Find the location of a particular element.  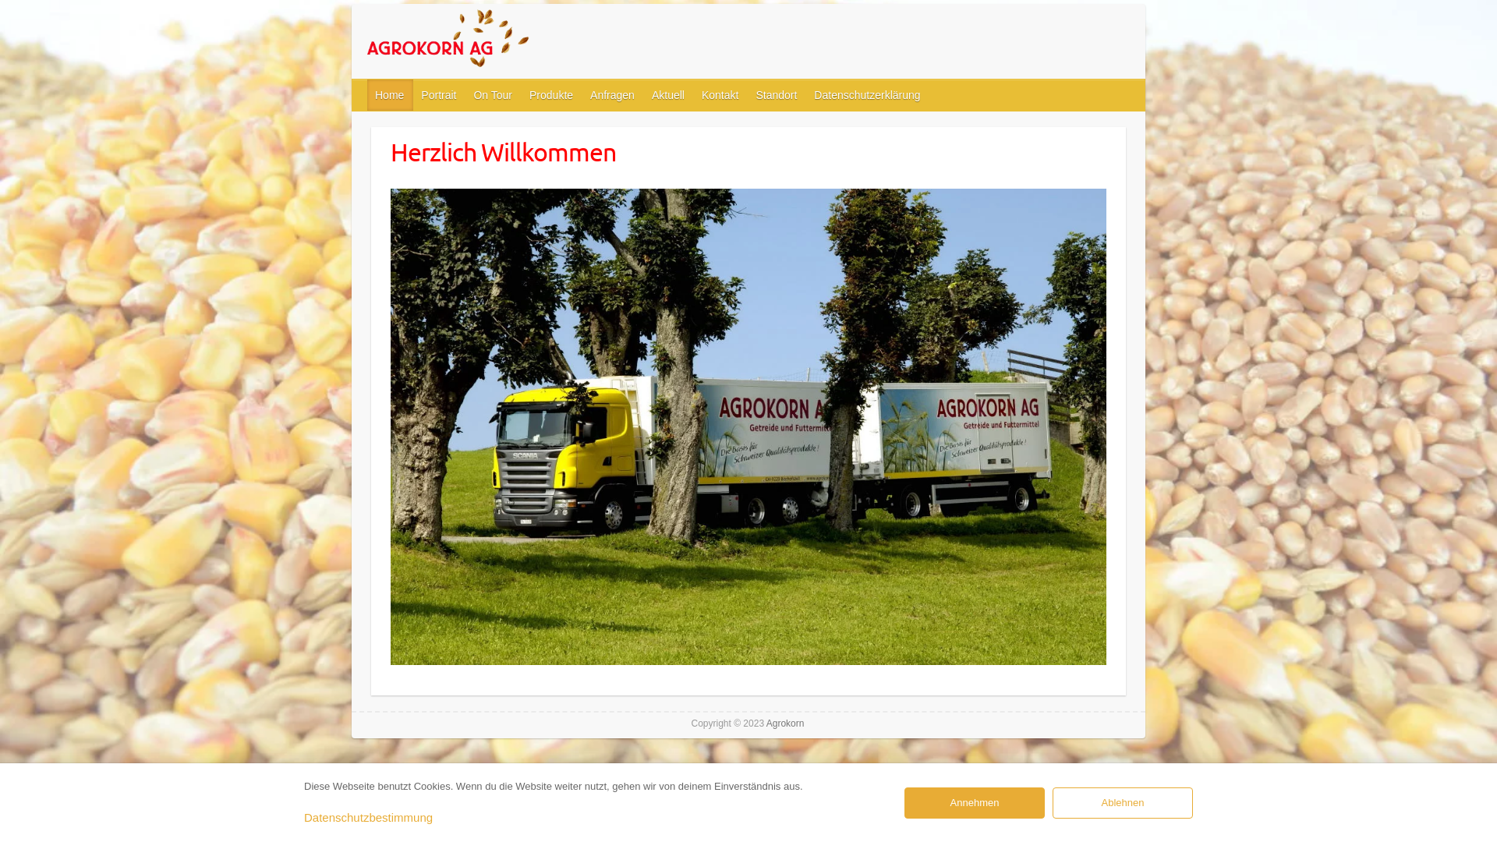

'On Tour' is located at coordinates (493, 95).